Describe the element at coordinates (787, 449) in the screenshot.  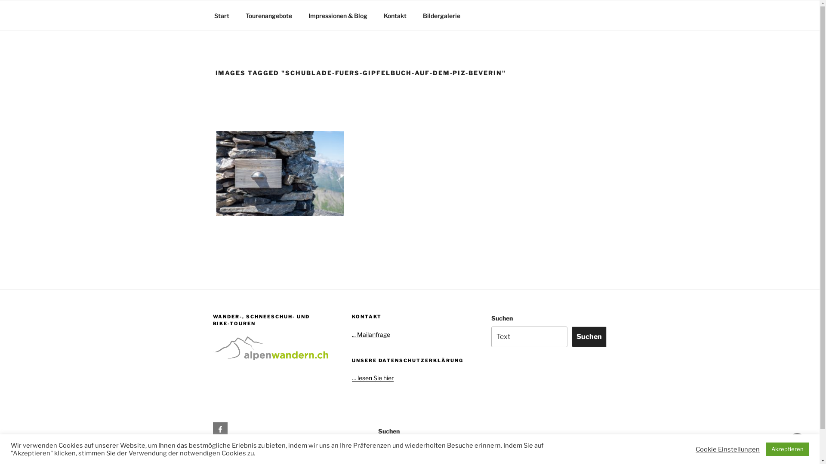
I see `'Akzeptieren'` at that location.